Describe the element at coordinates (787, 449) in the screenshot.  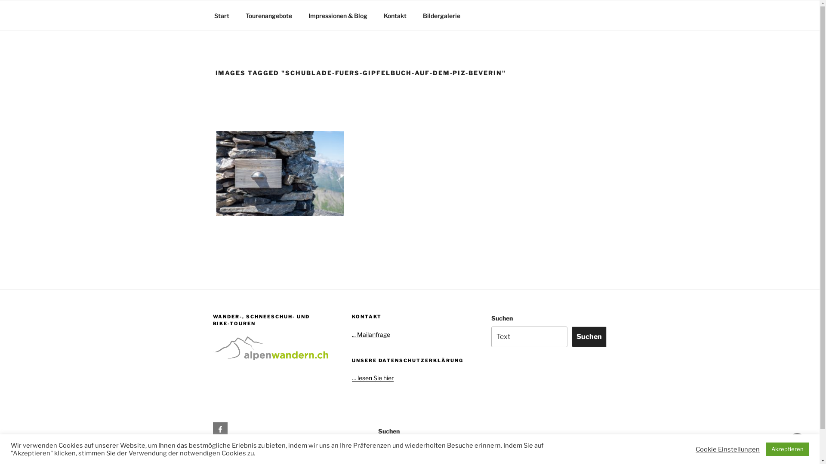
I see `'Akzeptieren'` at that location.